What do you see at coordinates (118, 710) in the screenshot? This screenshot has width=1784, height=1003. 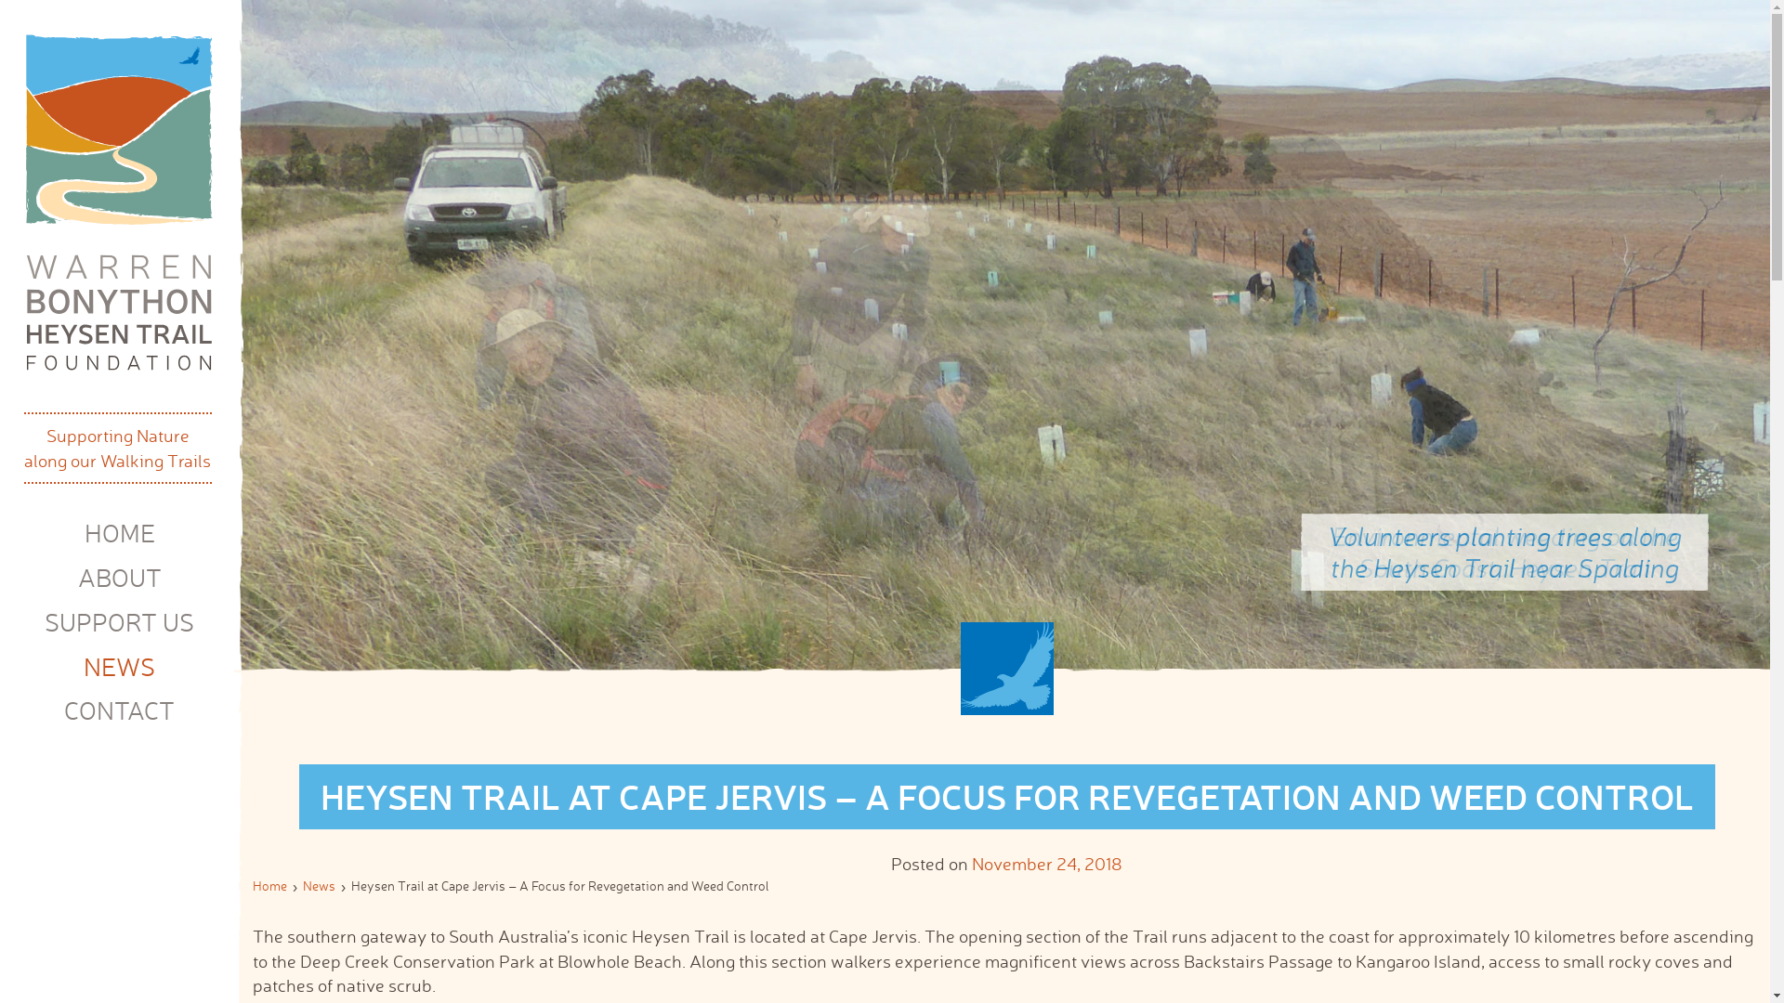 I see `'CONTACT'` at bounding box center [118, 710].